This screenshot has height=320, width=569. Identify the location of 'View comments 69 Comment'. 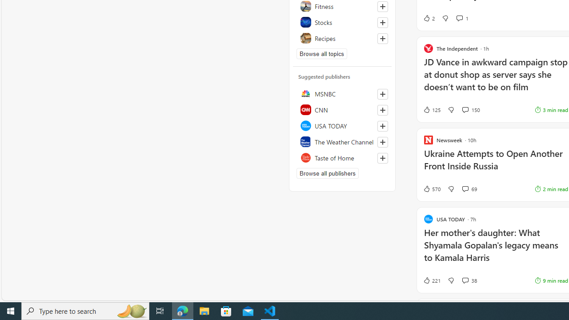
(465, 188).